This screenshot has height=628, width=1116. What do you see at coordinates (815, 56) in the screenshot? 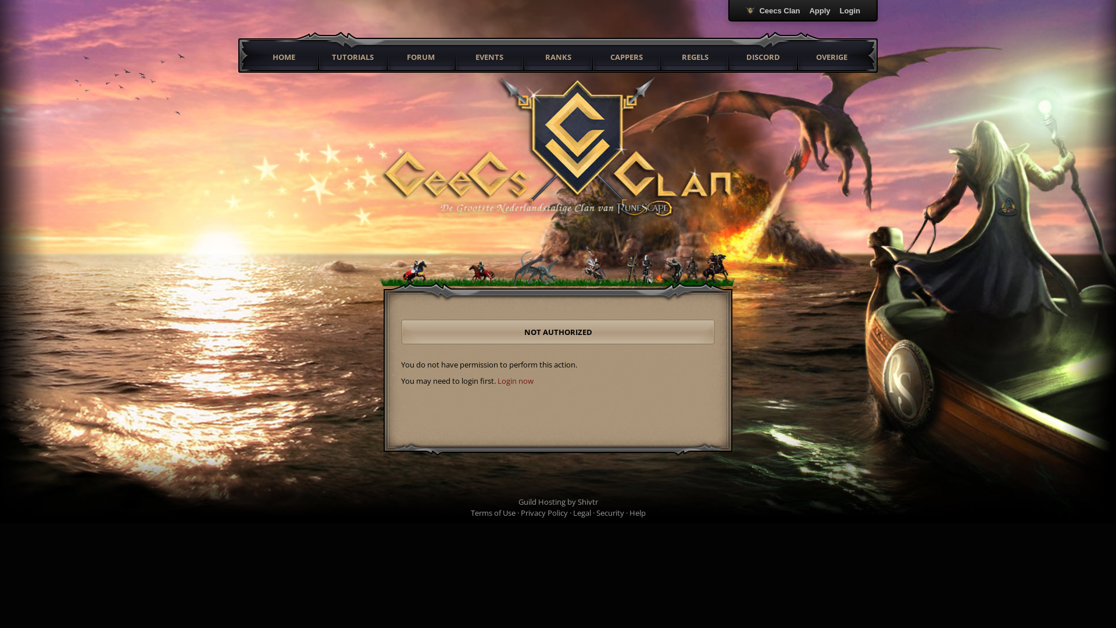
I see `'OVERIGE'` at bounding box center [815, 56].